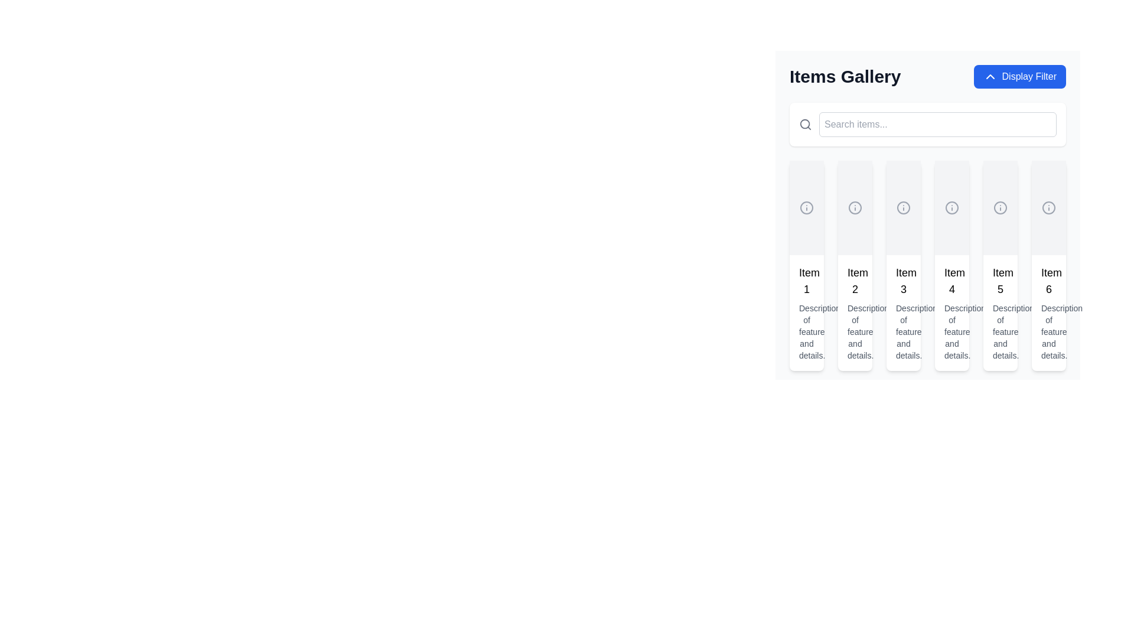 Image resolution: width=1134 pixels, height=638 pixels. Describe the element at coordinates (952, 207) in the screenshot. I see `the informational icon, which is a circular icon with a thin border, a vertical line, and a small dot at the top, located in the fourth position of a horizontal list within the 'Item 4' card in the Items Gallery` at that location.